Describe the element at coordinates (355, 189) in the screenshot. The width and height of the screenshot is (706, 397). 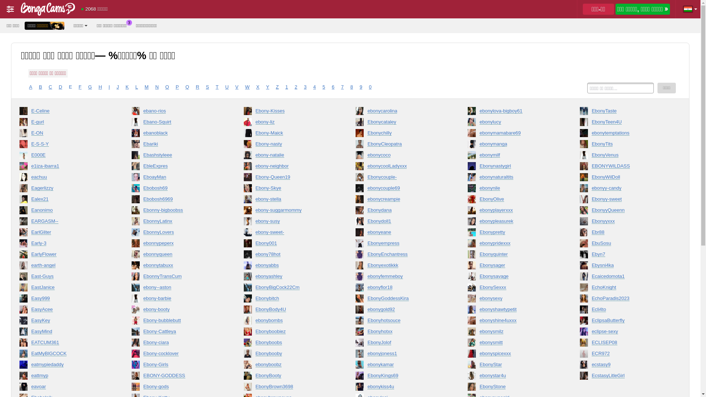
I see `'ebonycouple69'` at that location.